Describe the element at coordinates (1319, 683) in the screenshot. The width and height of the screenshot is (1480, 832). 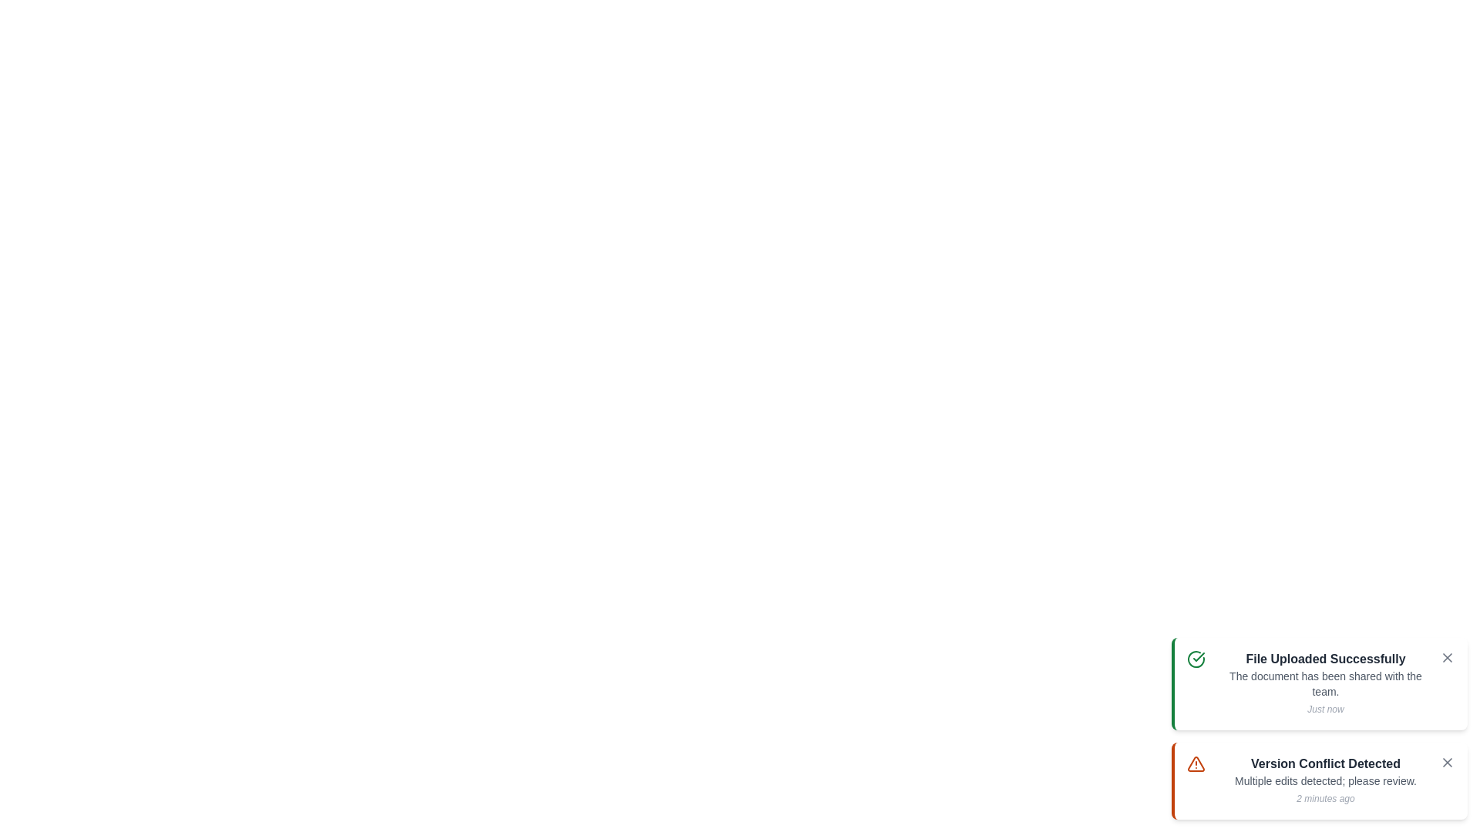
I see `the notification element to display its tooltip or trigger interaction` at that location.